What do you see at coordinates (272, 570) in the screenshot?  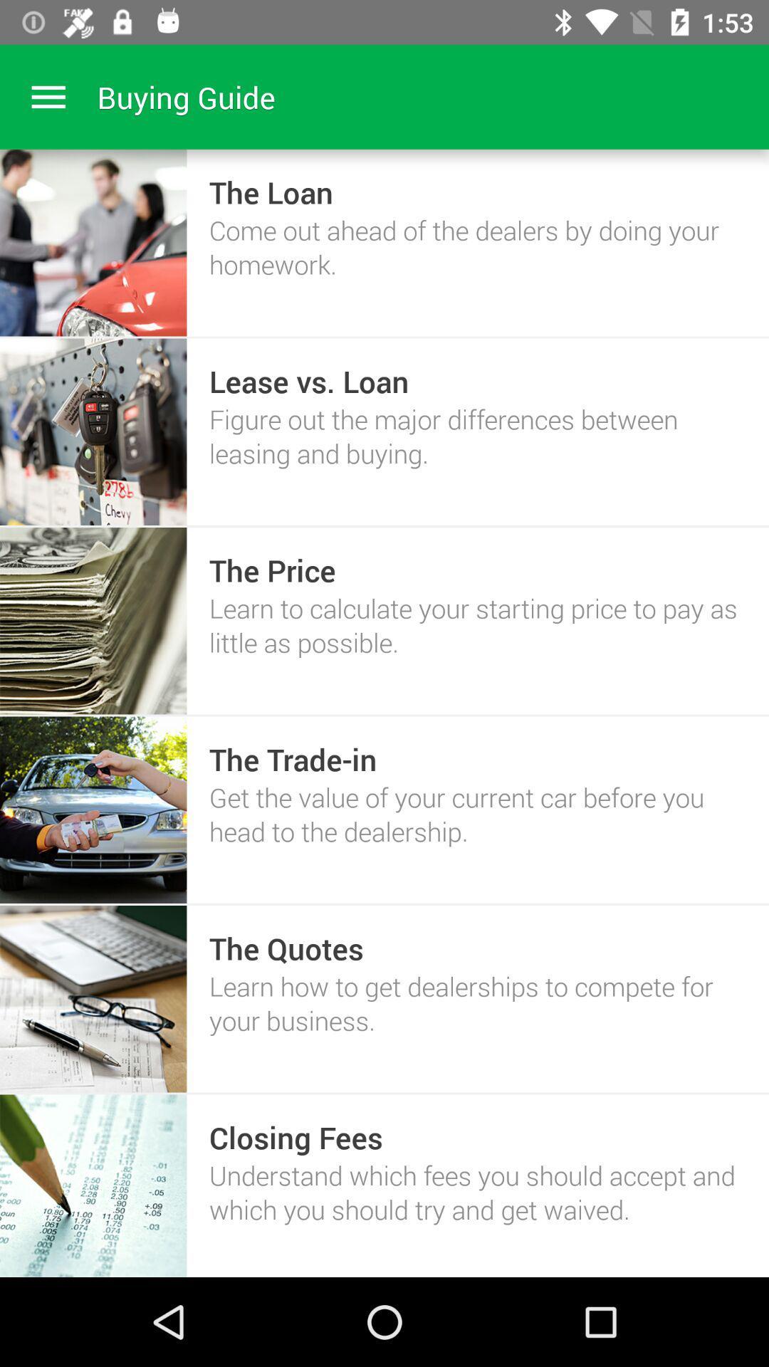 I see `the icon above the learn to calculate item` at bounding box center [272, 570].